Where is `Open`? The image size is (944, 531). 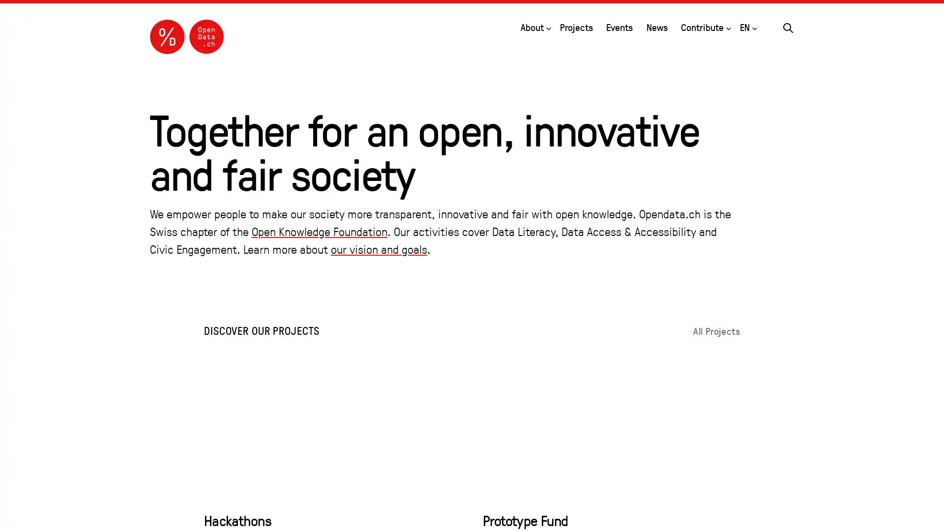 Open is located at coordinates (547, 26).